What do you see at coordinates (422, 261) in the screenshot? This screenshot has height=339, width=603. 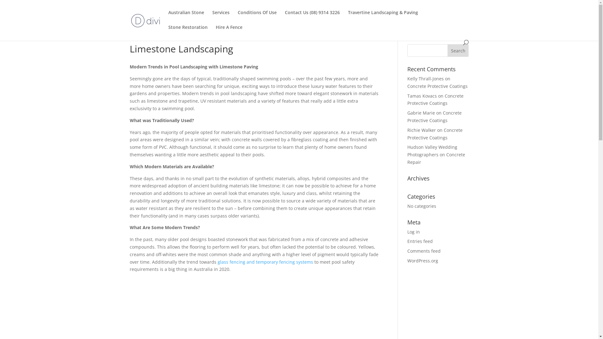 I see `'WordPress.org'` at bounding box center [422, 261].